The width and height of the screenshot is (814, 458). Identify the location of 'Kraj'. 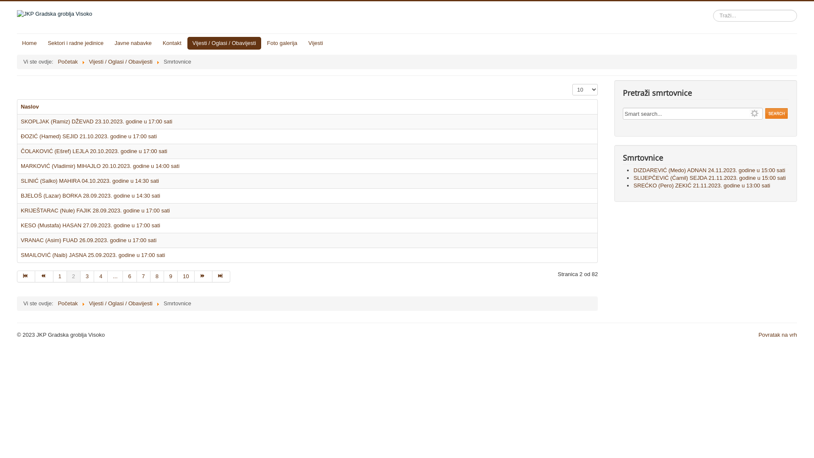
(221, 276).